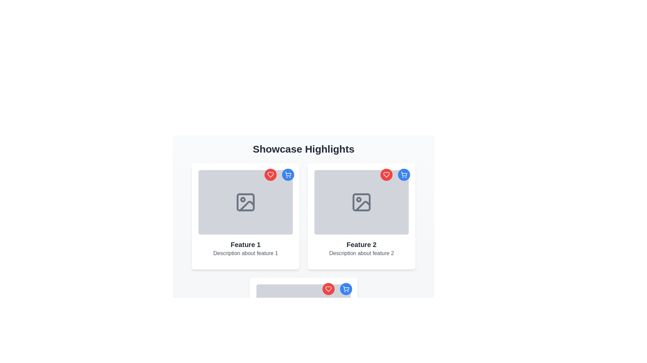 The image size is (647, 363). What do you see at coordinates (328, 289) in the screenshot?
I see `the red circular button with a white heart icon located` at bounding box center [328, 289].